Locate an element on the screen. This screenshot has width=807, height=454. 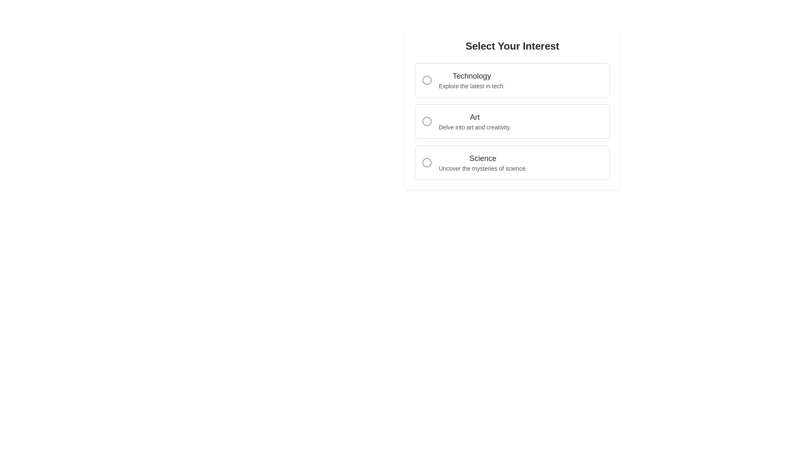
the 'Technology' radio button in the vertical list of options under 'Select Your Interest' is located at coordinates (512, 80).